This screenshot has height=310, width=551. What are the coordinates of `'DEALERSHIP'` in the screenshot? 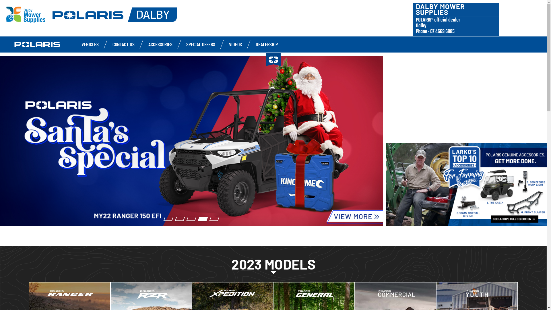 It's located at (266, 44).